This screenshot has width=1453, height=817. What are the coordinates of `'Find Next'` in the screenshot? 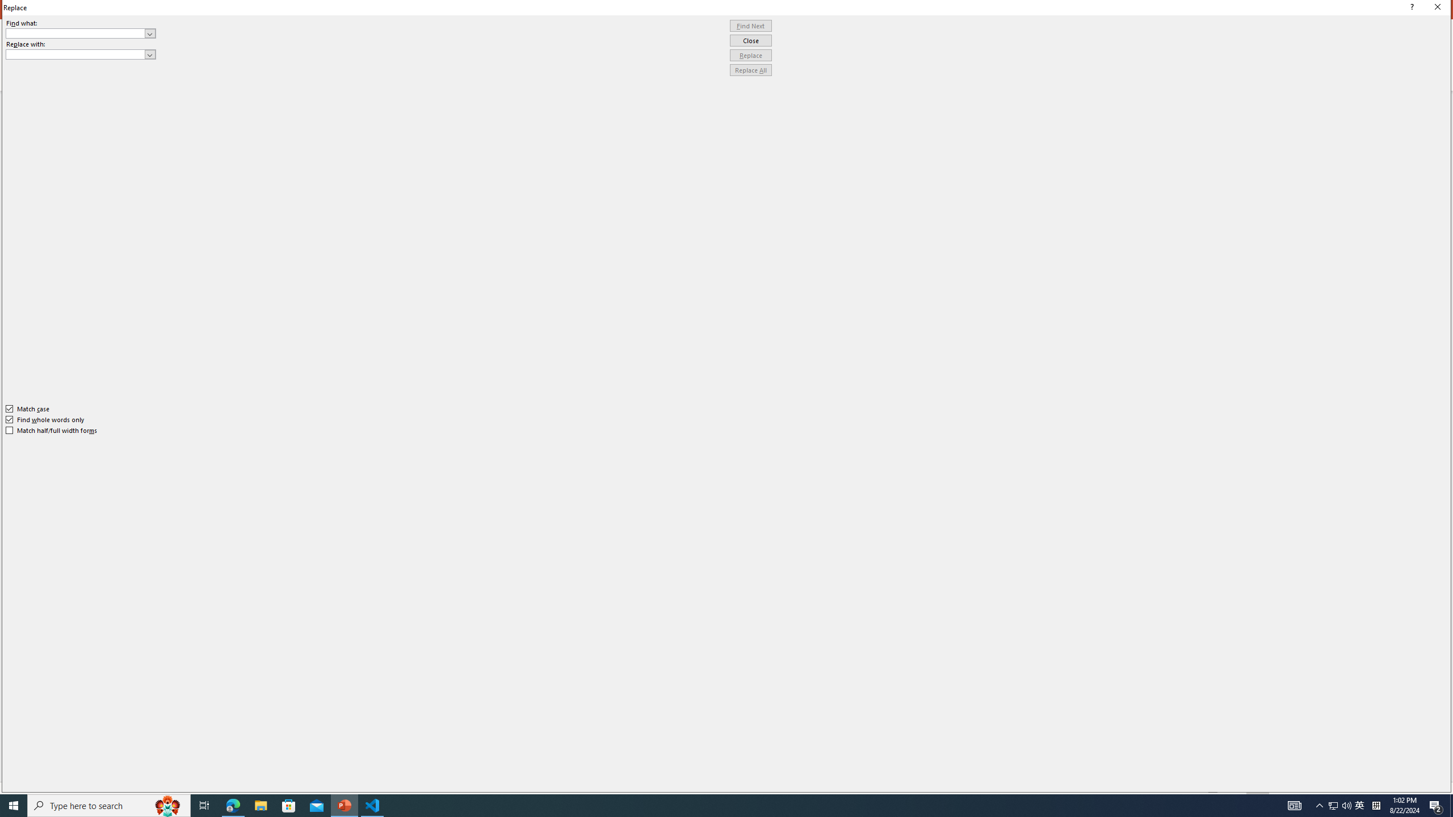 It's located at (750, 26).